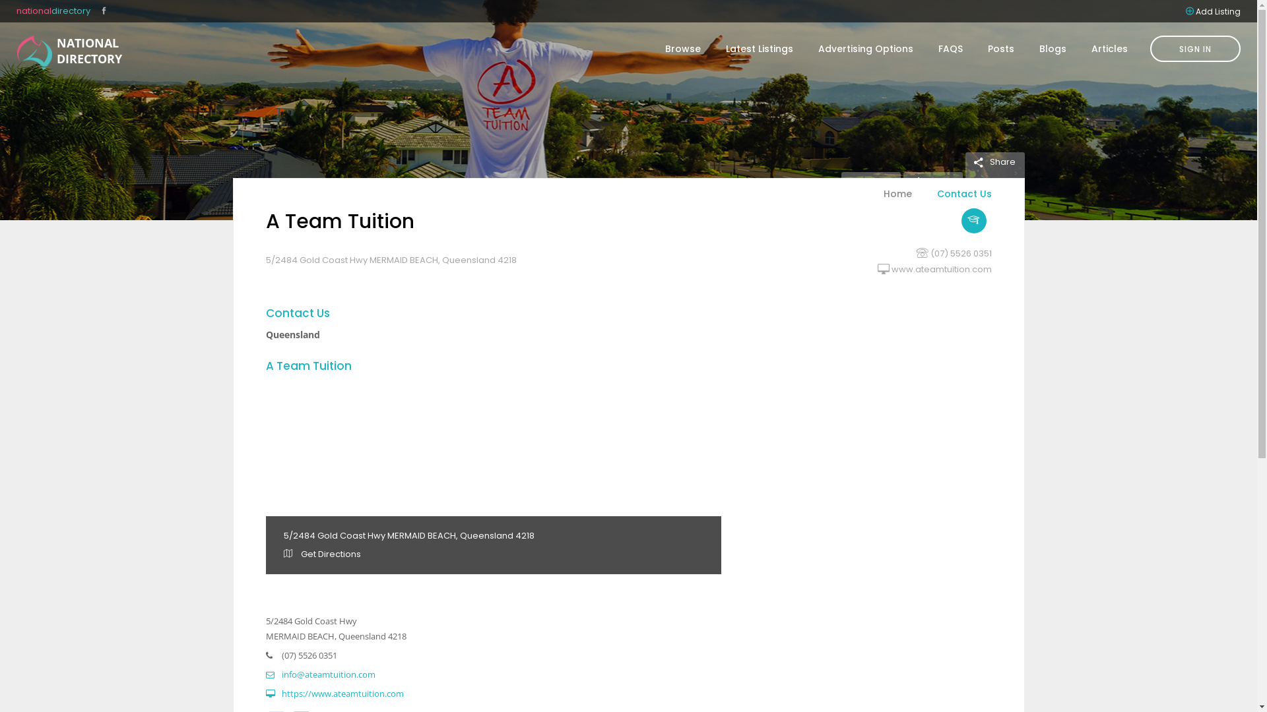 The height and width of the screenshot is (712, 1267). What do you see at coordinates (839, 181) in the screenshot?
I see `'Follow'` at bounding box center [839, 181].